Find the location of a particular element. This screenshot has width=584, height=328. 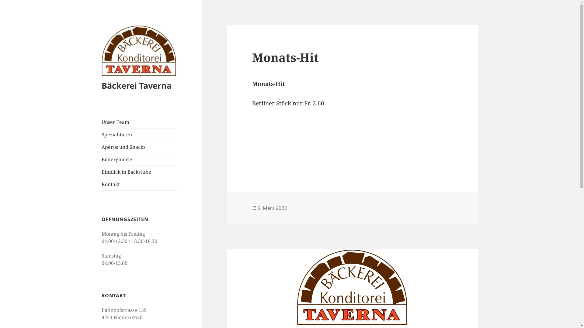

'Unser Team' is located at coordinates (102, 122).